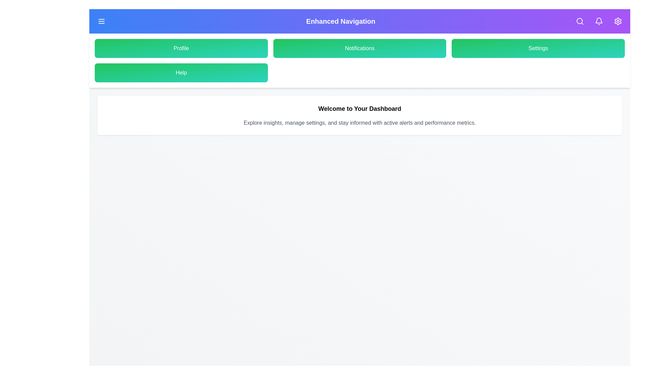  What do you see at coordinates (169, 169) in the screenshot?
I see `the background area of the component` at bounding box center [169, 169].